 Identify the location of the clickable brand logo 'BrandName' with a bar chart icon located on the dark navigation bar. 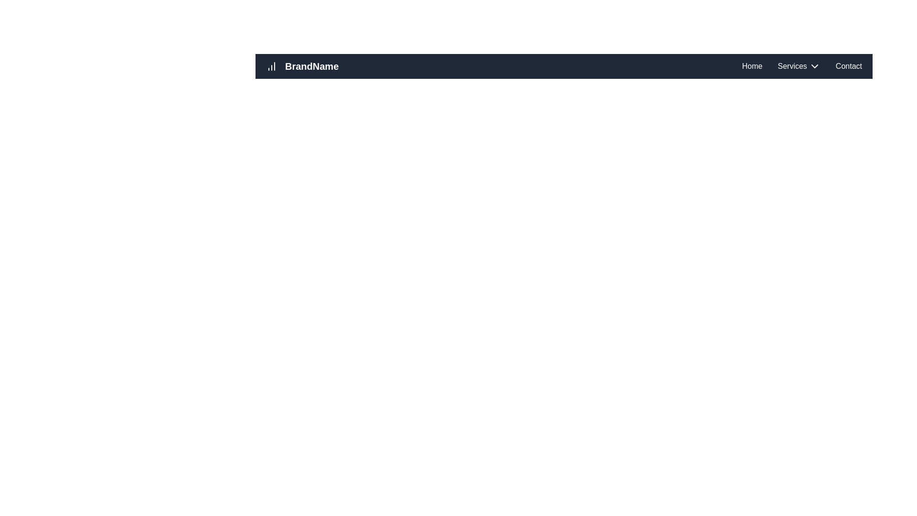
(302, 65).